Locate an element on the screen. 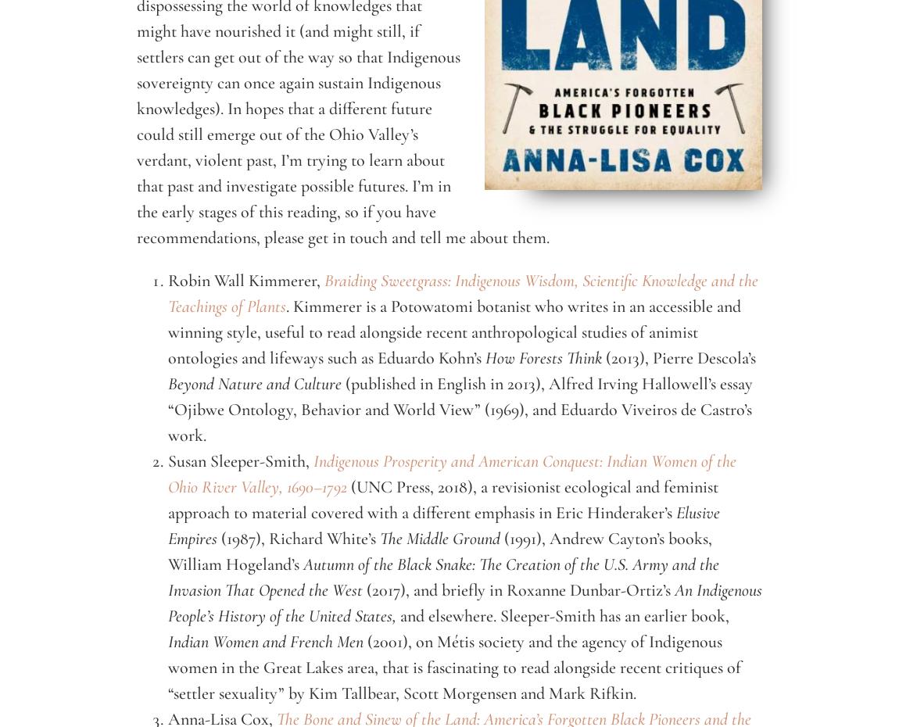 The width and height of the screenshot is (899, 727). 'The Middle Ground' is located at coordinates (379, 538).